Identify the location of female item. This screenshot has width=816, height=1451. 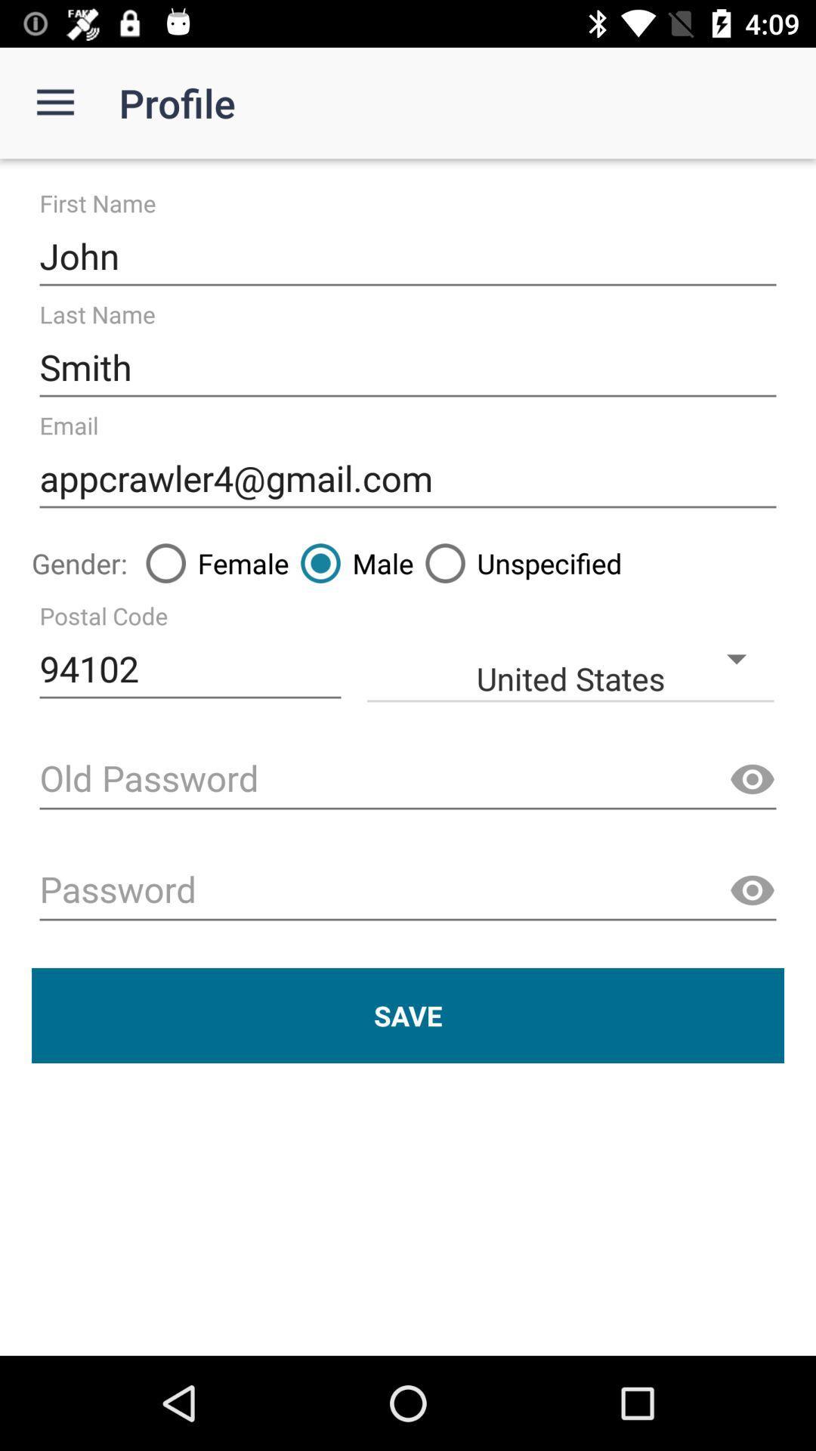
(212, 562).